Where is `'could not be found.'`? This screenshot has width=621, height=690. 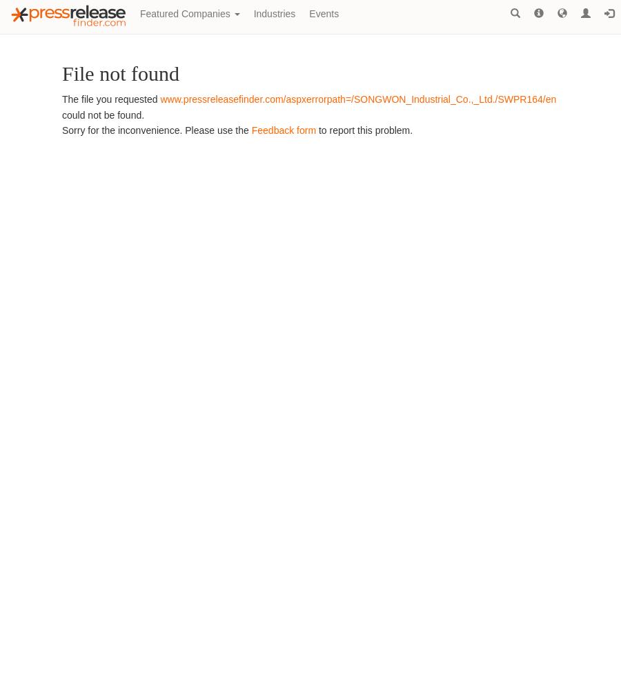
'could not be found.' is located at coordinates (103, 115).